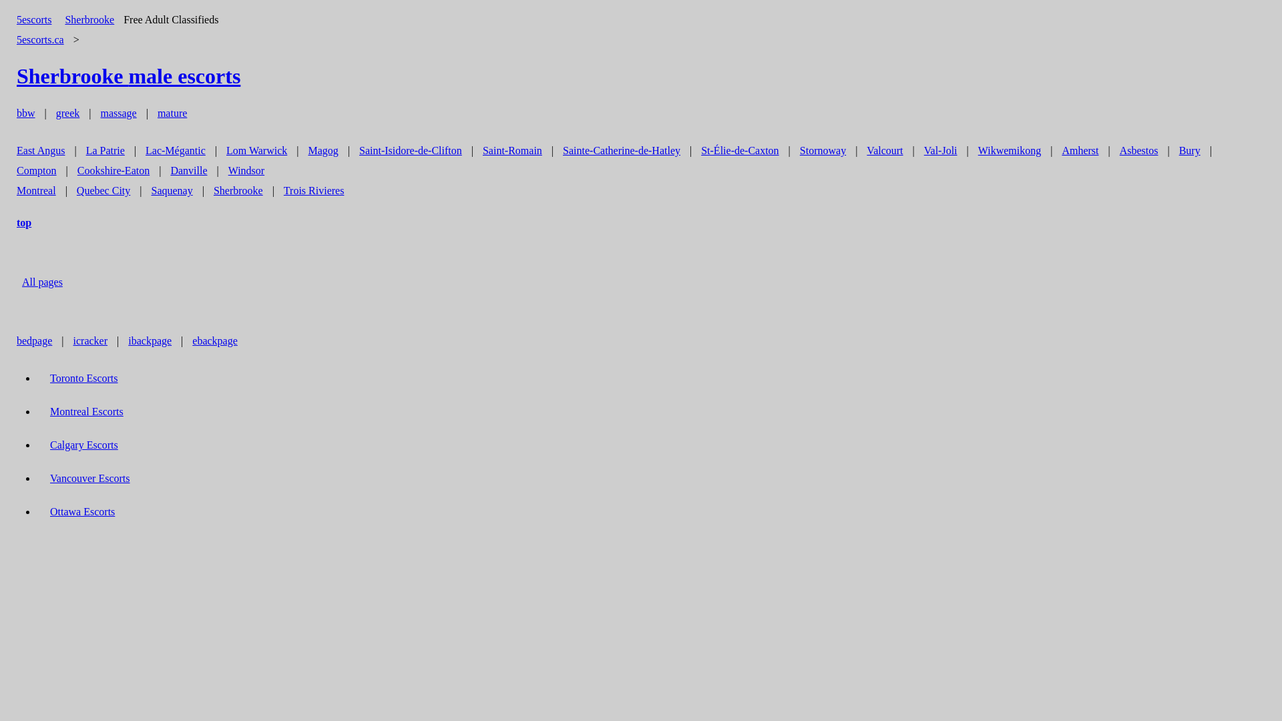  What do you see at coordinates (171, 190) in the screenshot?
I see `'Saquenay'` at bounding box center [171, 190].